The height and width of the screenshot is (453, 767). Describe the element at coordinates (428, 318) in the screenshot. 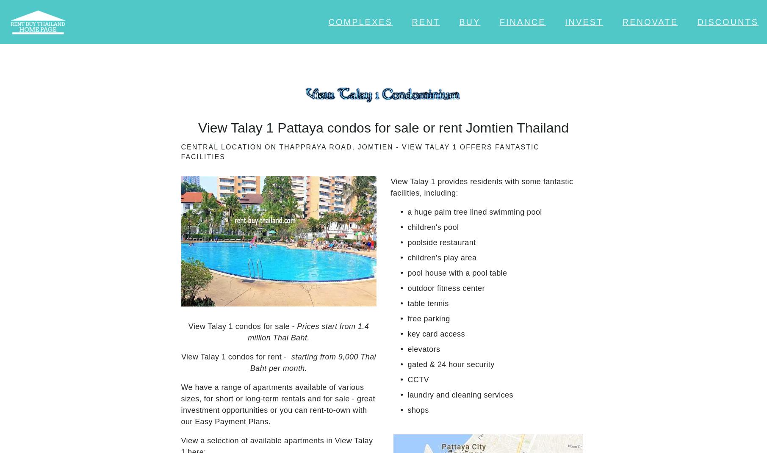

I see `'free parking'` at that location.